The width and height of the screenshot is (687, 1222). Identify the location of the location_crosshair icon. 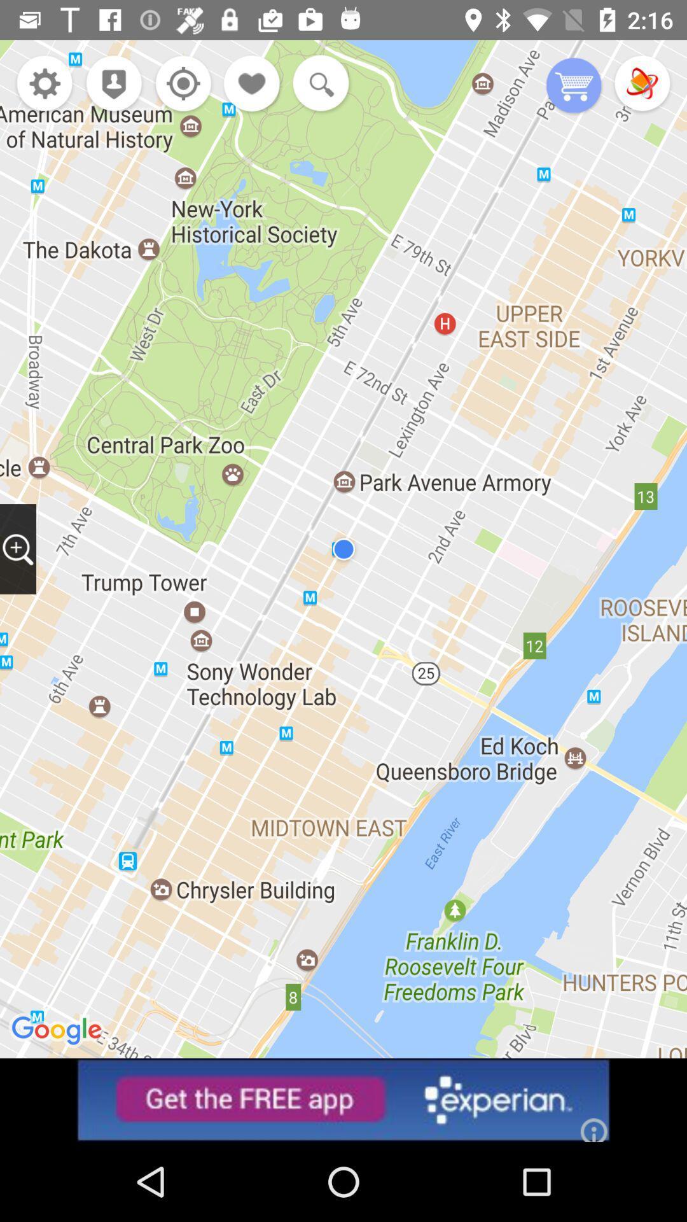
(180, 84).